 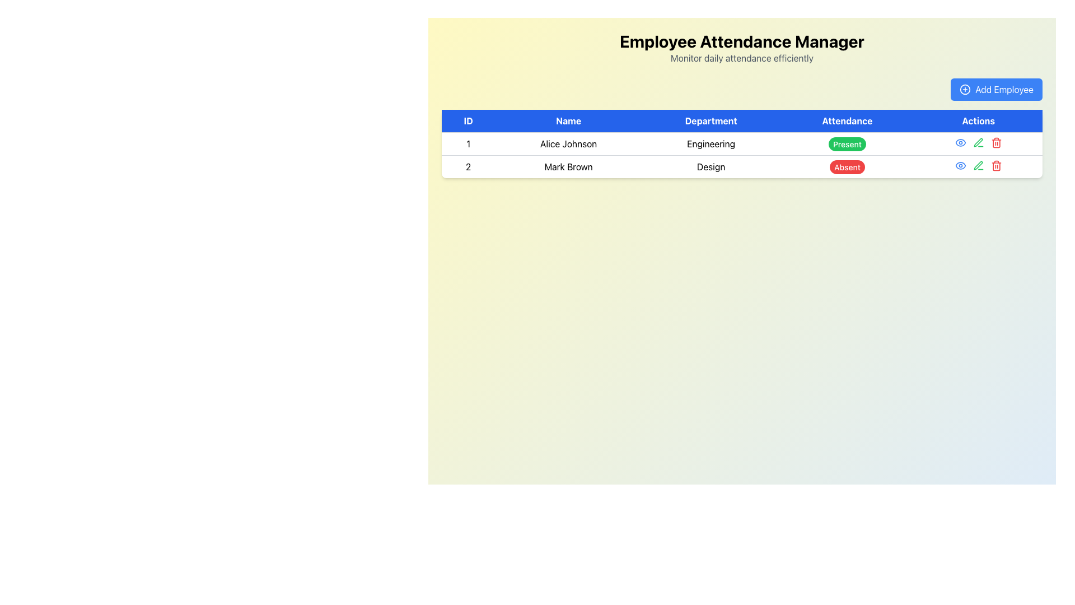 I want to click on the button located at the top-right corner of the interface, so click(x=997, y=89).